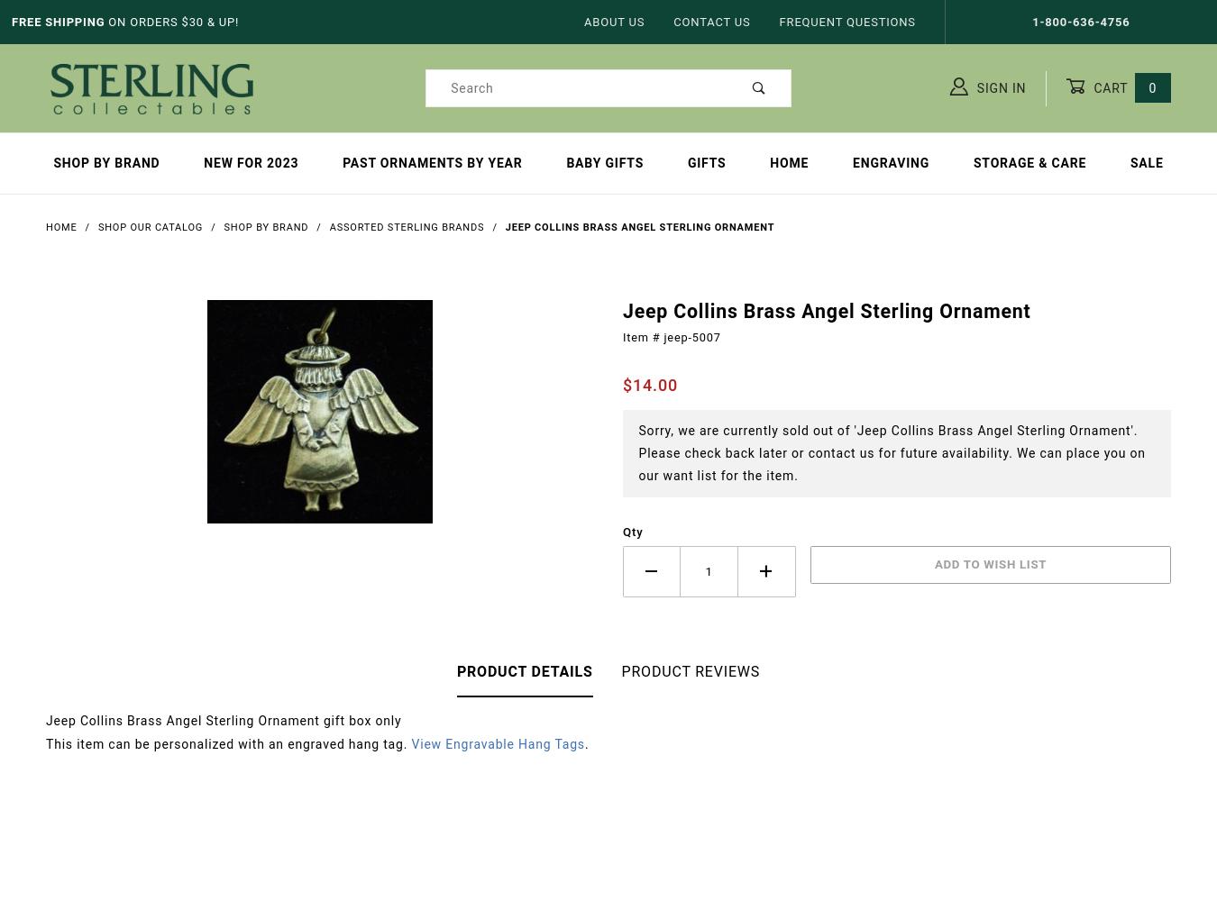 The height and width of the screenshot is (901, 1217). Describe the element at coordinates (671, 336) in the screenshot. I see `'Item # jeep-5007'` at that location.